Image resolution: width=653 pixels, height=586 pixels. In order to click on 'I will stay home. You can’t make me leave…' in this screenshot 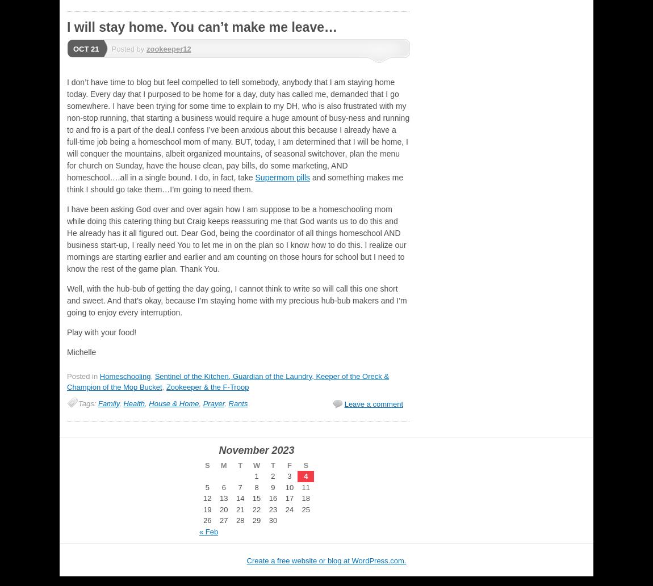, I will do `click(66, 27)`.